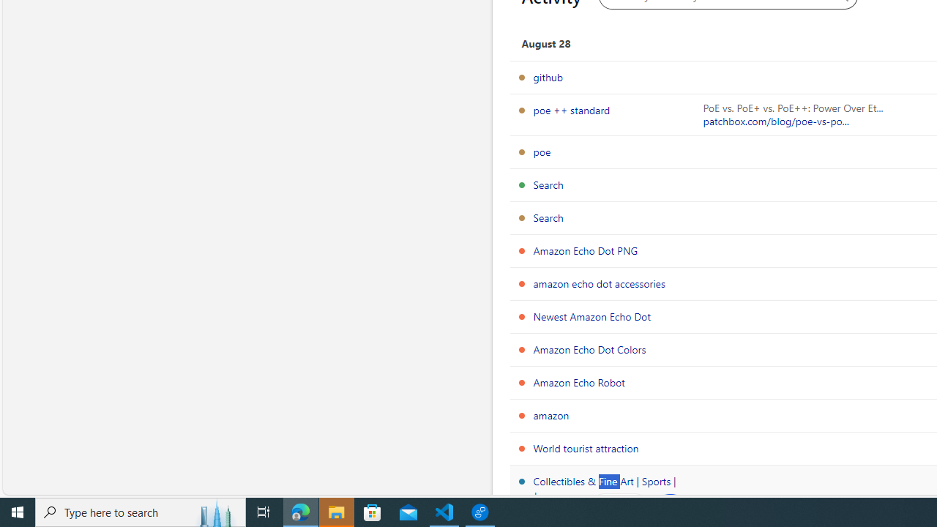 Image resolution: width=937 pixels, height=527 pixels. Describe the element at coordinates (578, 381) in the screenshot. I see `'Amazon Echo Robot'` at that location.